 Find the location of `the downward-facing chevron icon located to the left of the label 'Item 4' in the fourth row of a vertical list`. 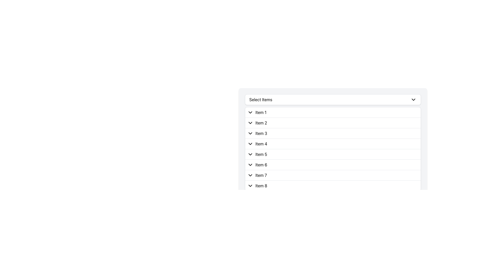

the downward-facing chevron icon located to the left of the label 'Item 4' in the fourth row of a vertical list is located at coordinates (250, 144).